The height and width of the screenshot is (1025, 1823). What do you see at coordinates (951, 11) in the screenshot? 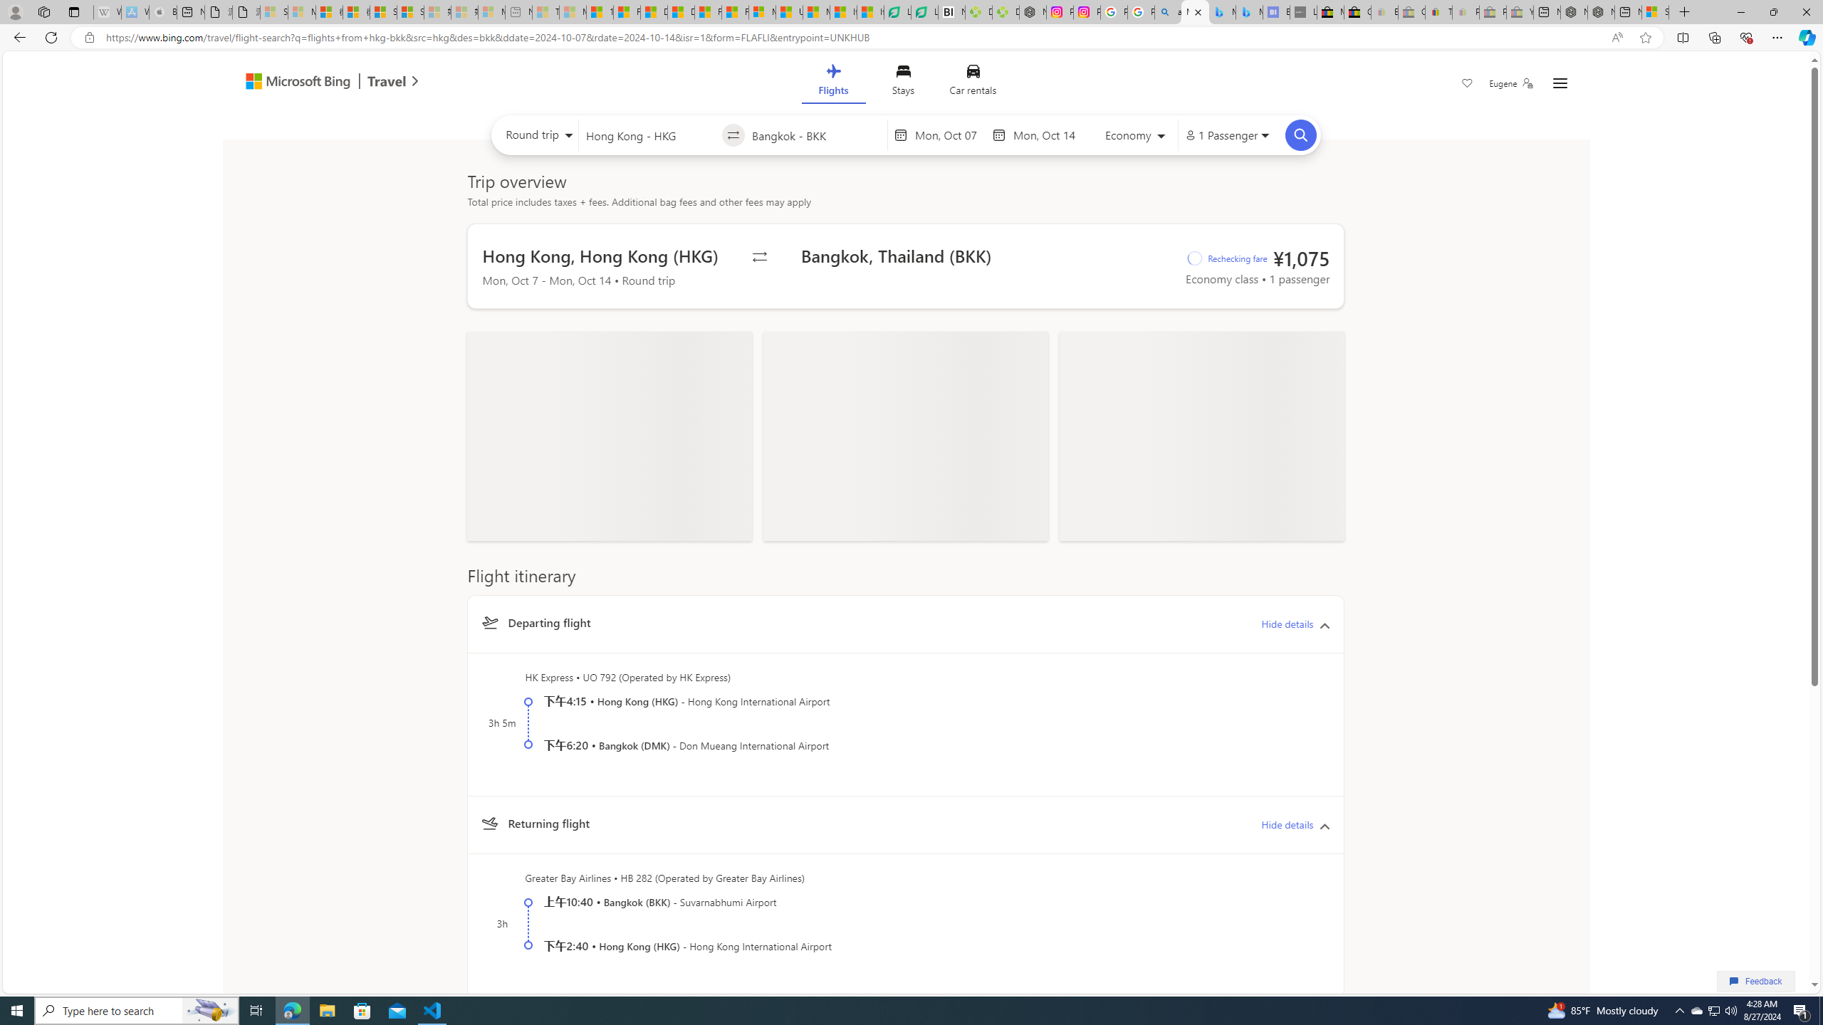
I see `'Nvidia va a poner a prueba la paciencia de los inversores'` at bounding box center [951, 11].